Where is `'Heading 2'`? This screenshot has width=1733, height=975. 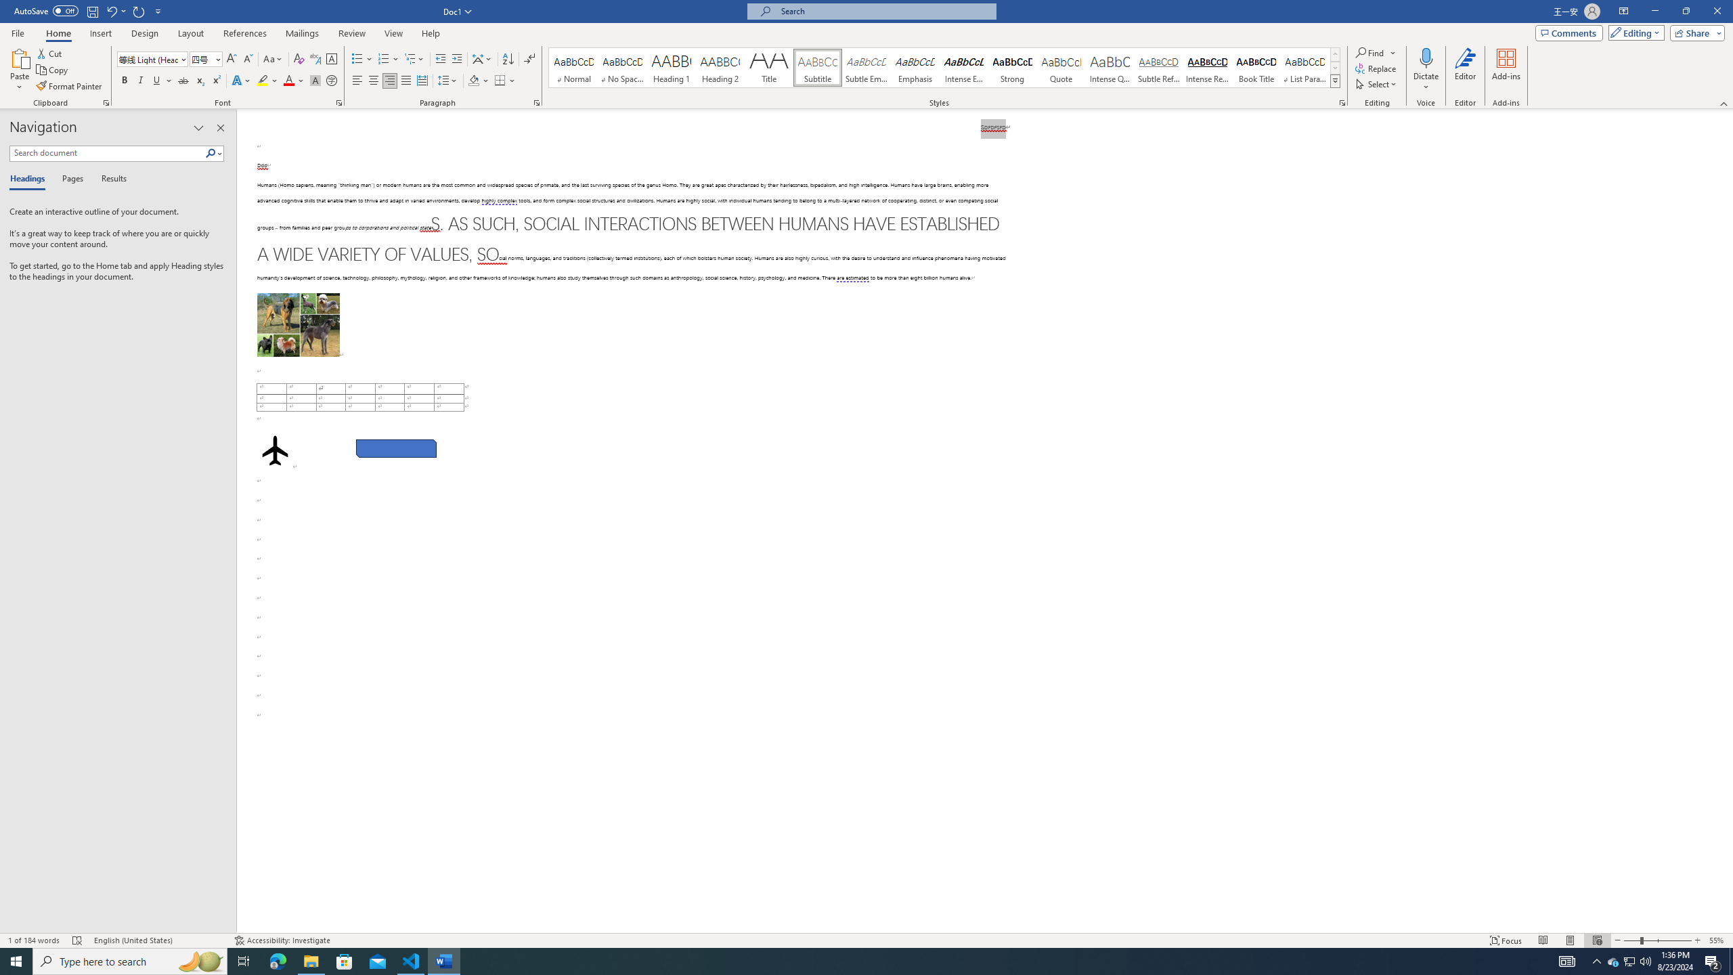
'Heading 2' is located at coordinates (720, 67).